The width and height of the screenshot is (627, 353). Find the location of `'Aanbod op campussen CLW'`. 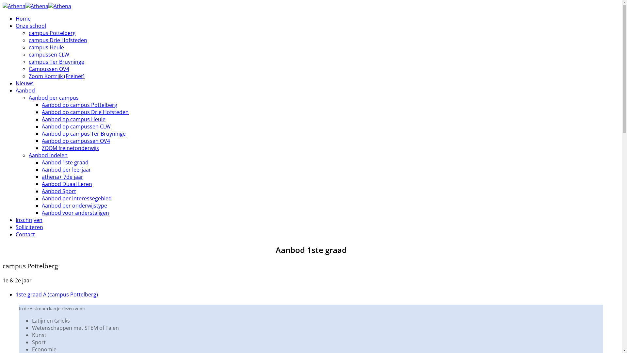

'Aanbod op campussen CLW' is located at coordinates (76, 126).